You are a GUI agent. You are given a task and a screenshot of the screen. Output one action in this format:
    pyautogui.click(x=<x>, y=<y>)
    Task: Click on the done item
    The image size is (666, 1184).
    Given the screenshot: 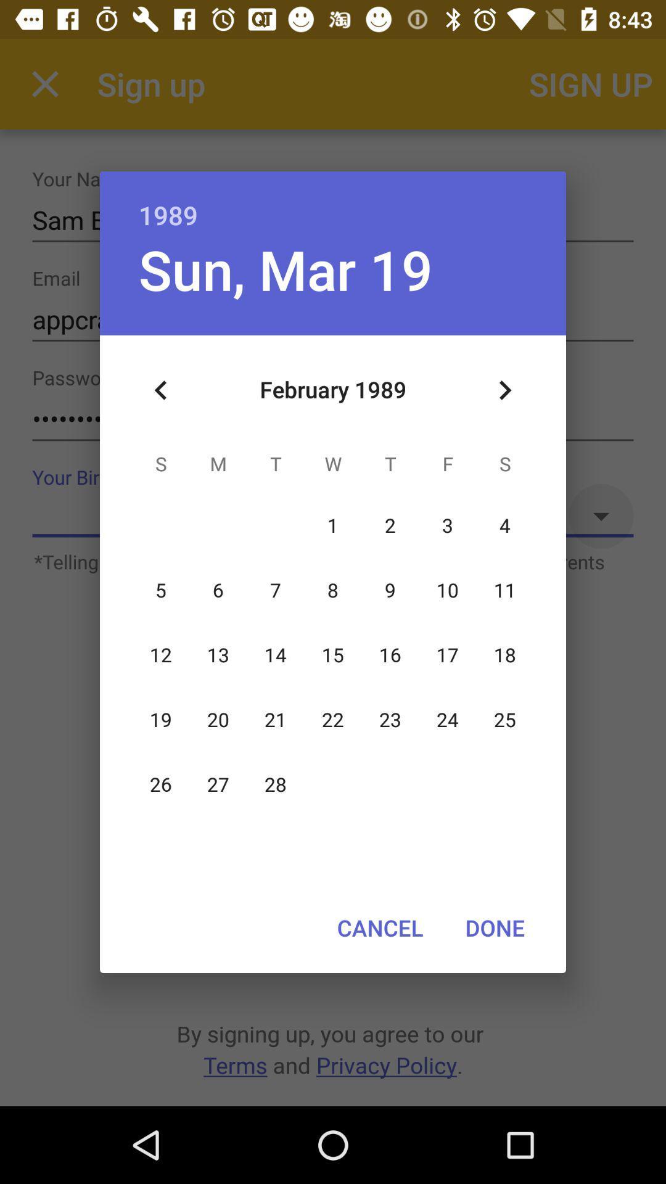 What is the action you would take?
    pyautogui.click(x=494, y=927)
    